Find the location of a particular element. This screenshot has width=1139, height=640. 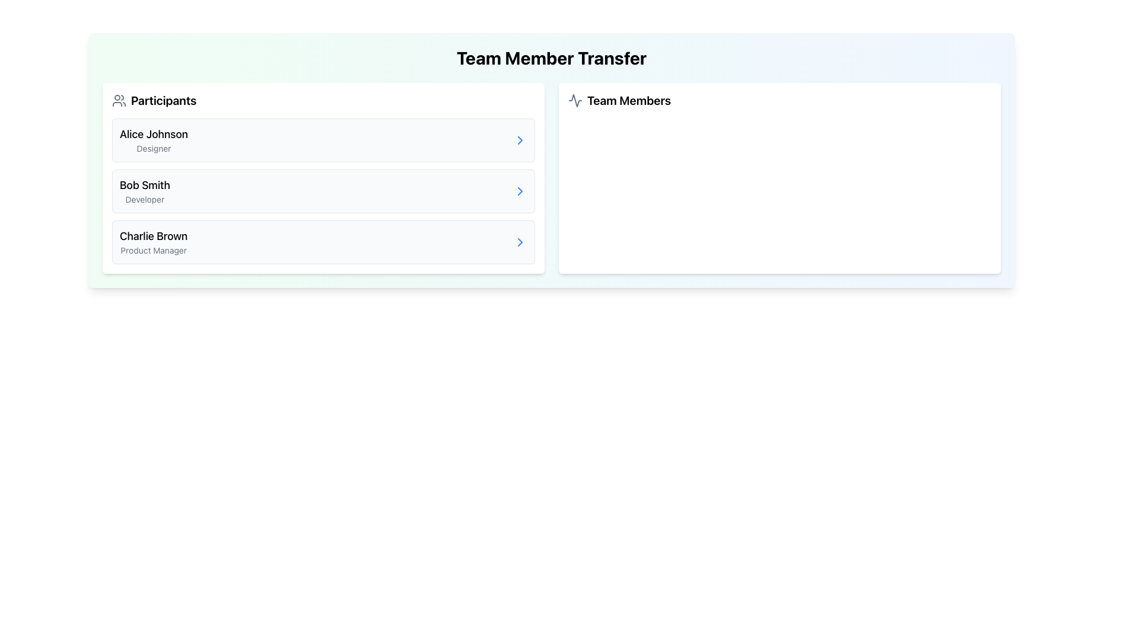

the decorative icon located to the left of the 'Participants' text in the header section of the 'Participants' card is located at coordinates (119, 100).